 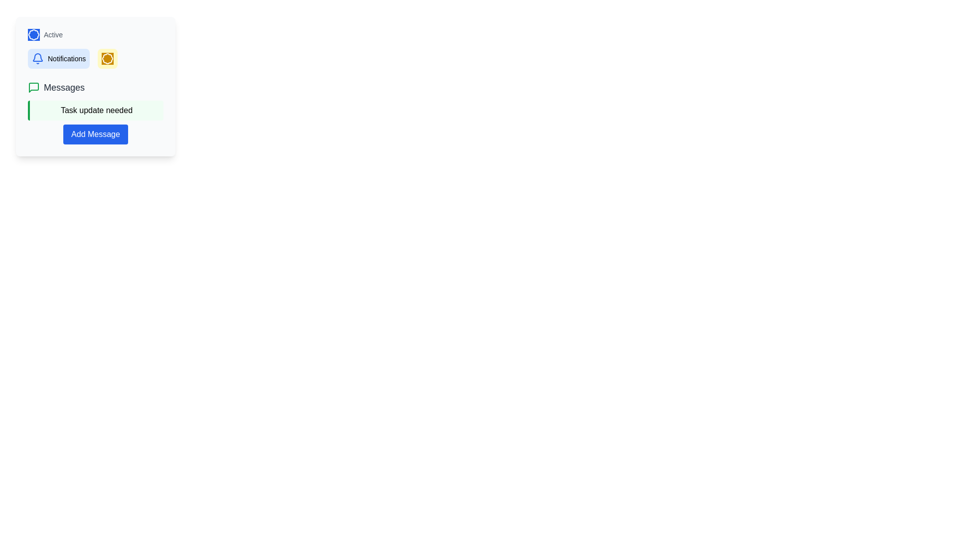 I want to click on the circular badge icon with a blue background and white flower-like outline, labeled 'Dev Team', located in the top-left section next to the 'Active' label, so click(x=33, y=34).